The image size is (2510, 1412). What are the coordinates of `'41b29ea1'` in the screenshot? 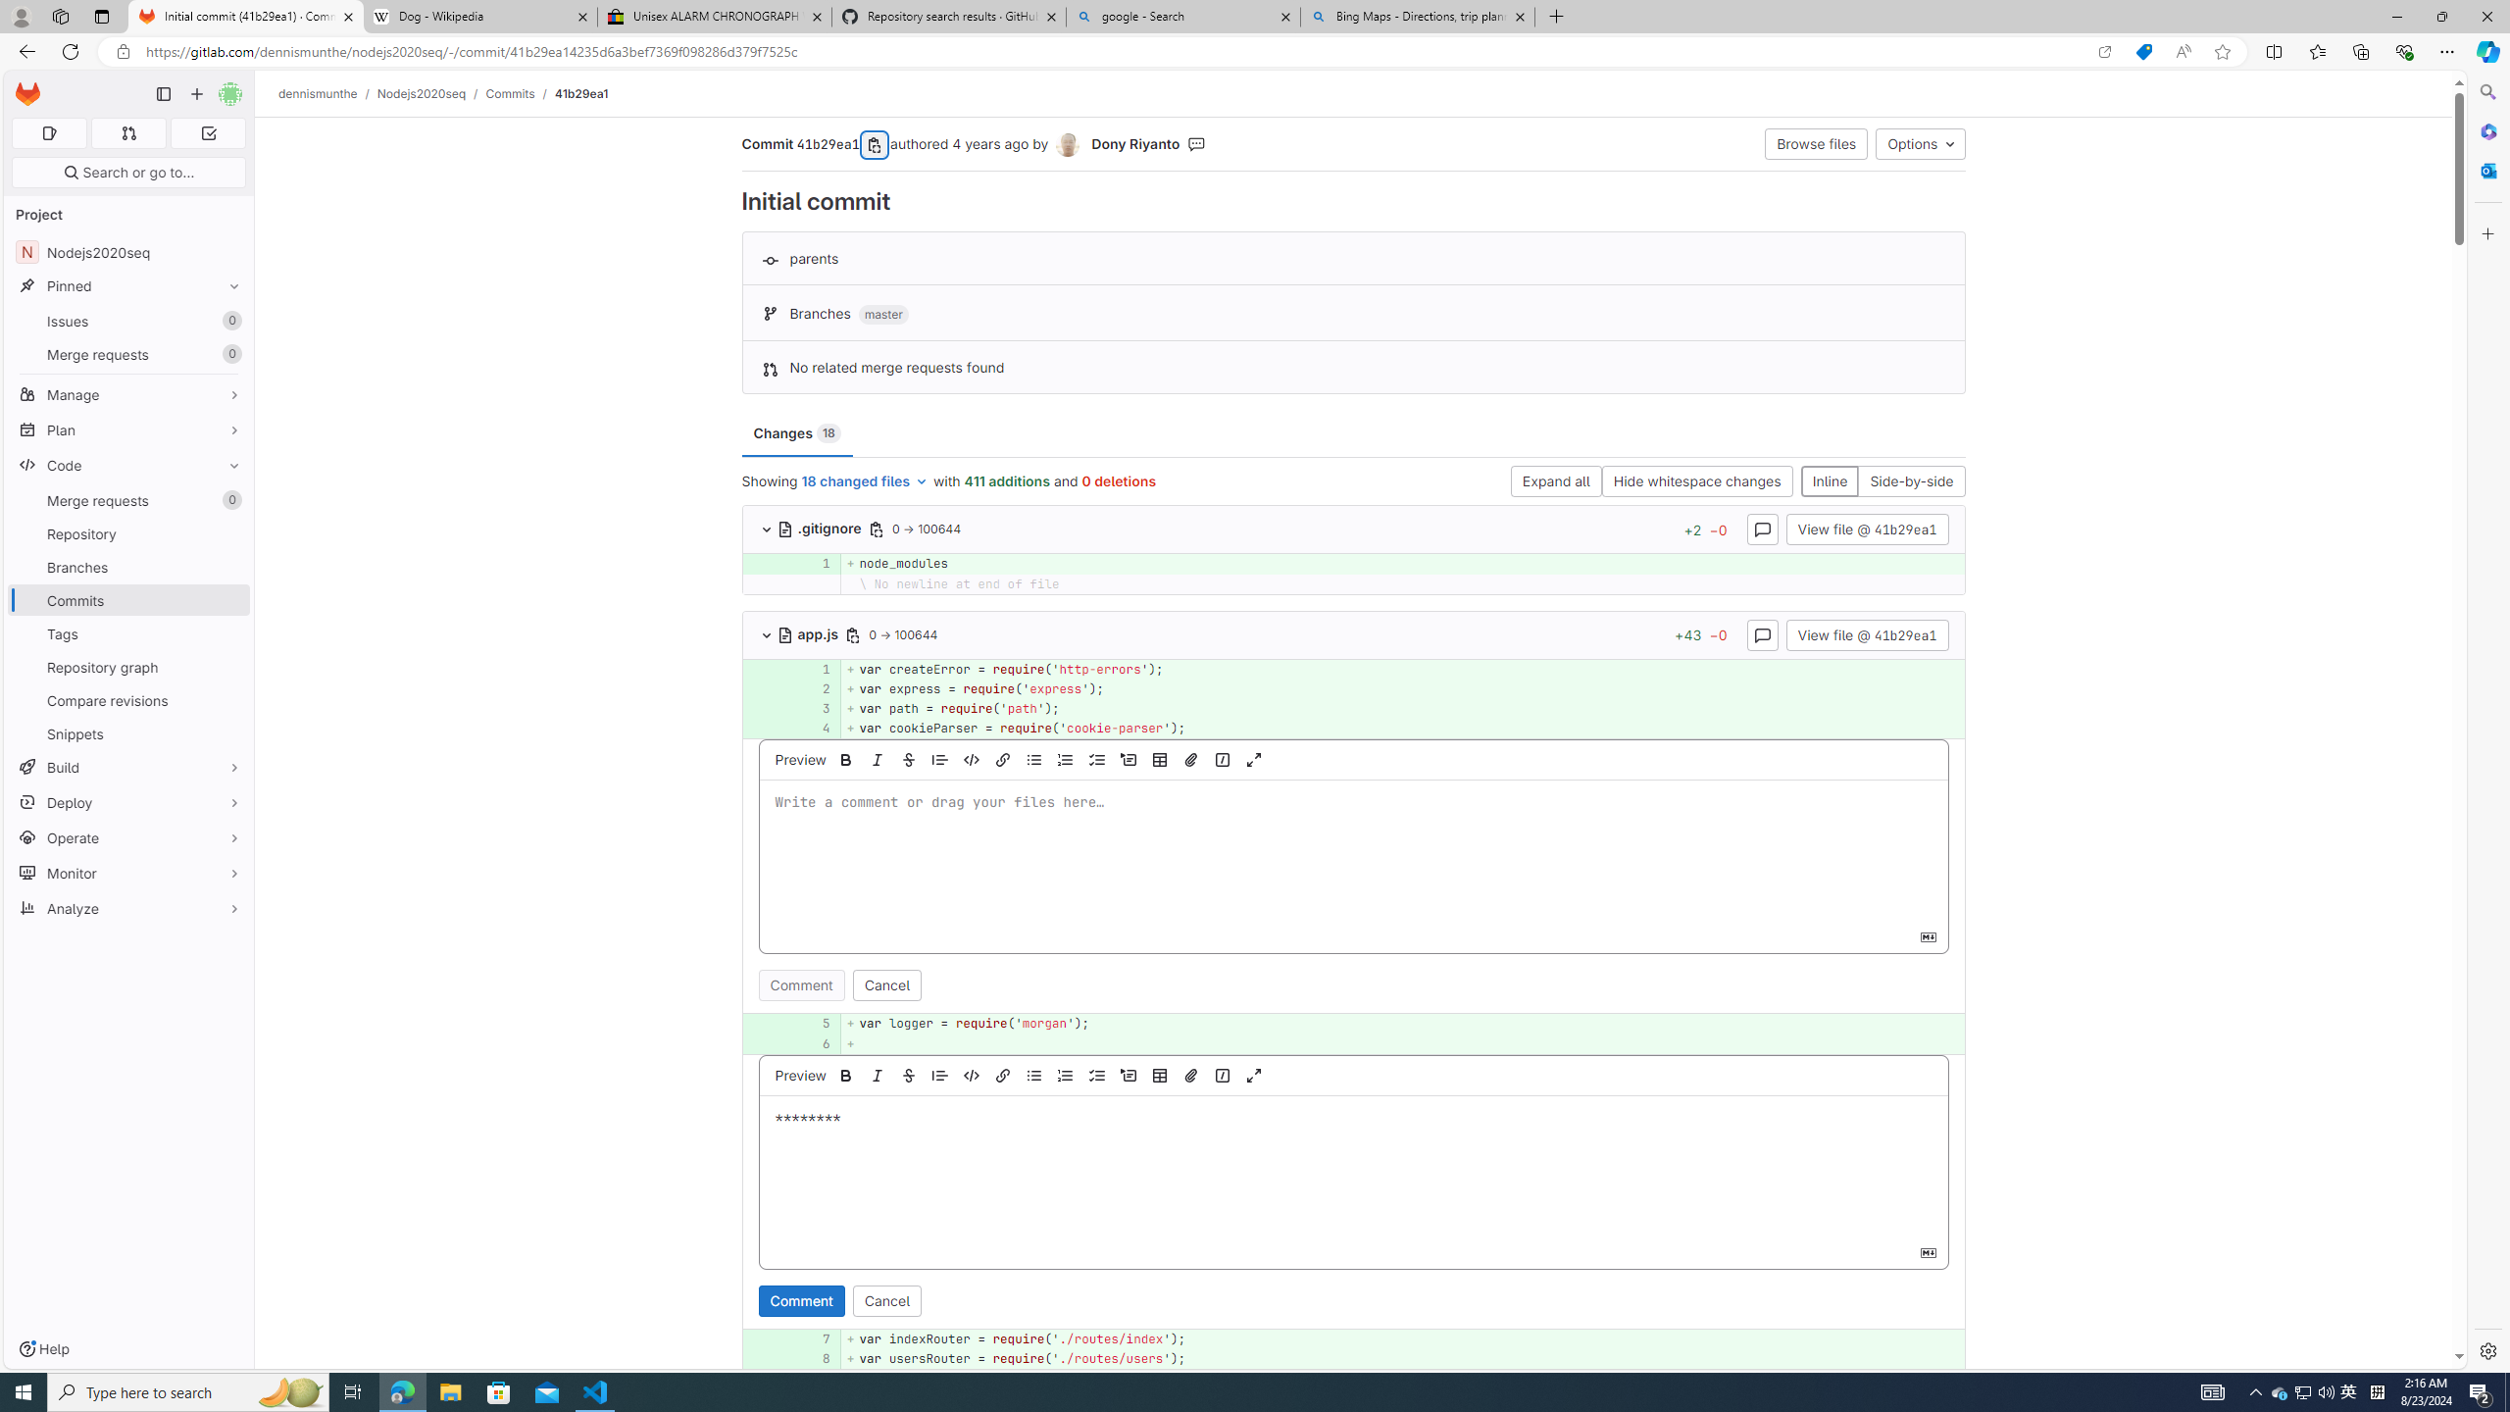 It's located at (580, 93).